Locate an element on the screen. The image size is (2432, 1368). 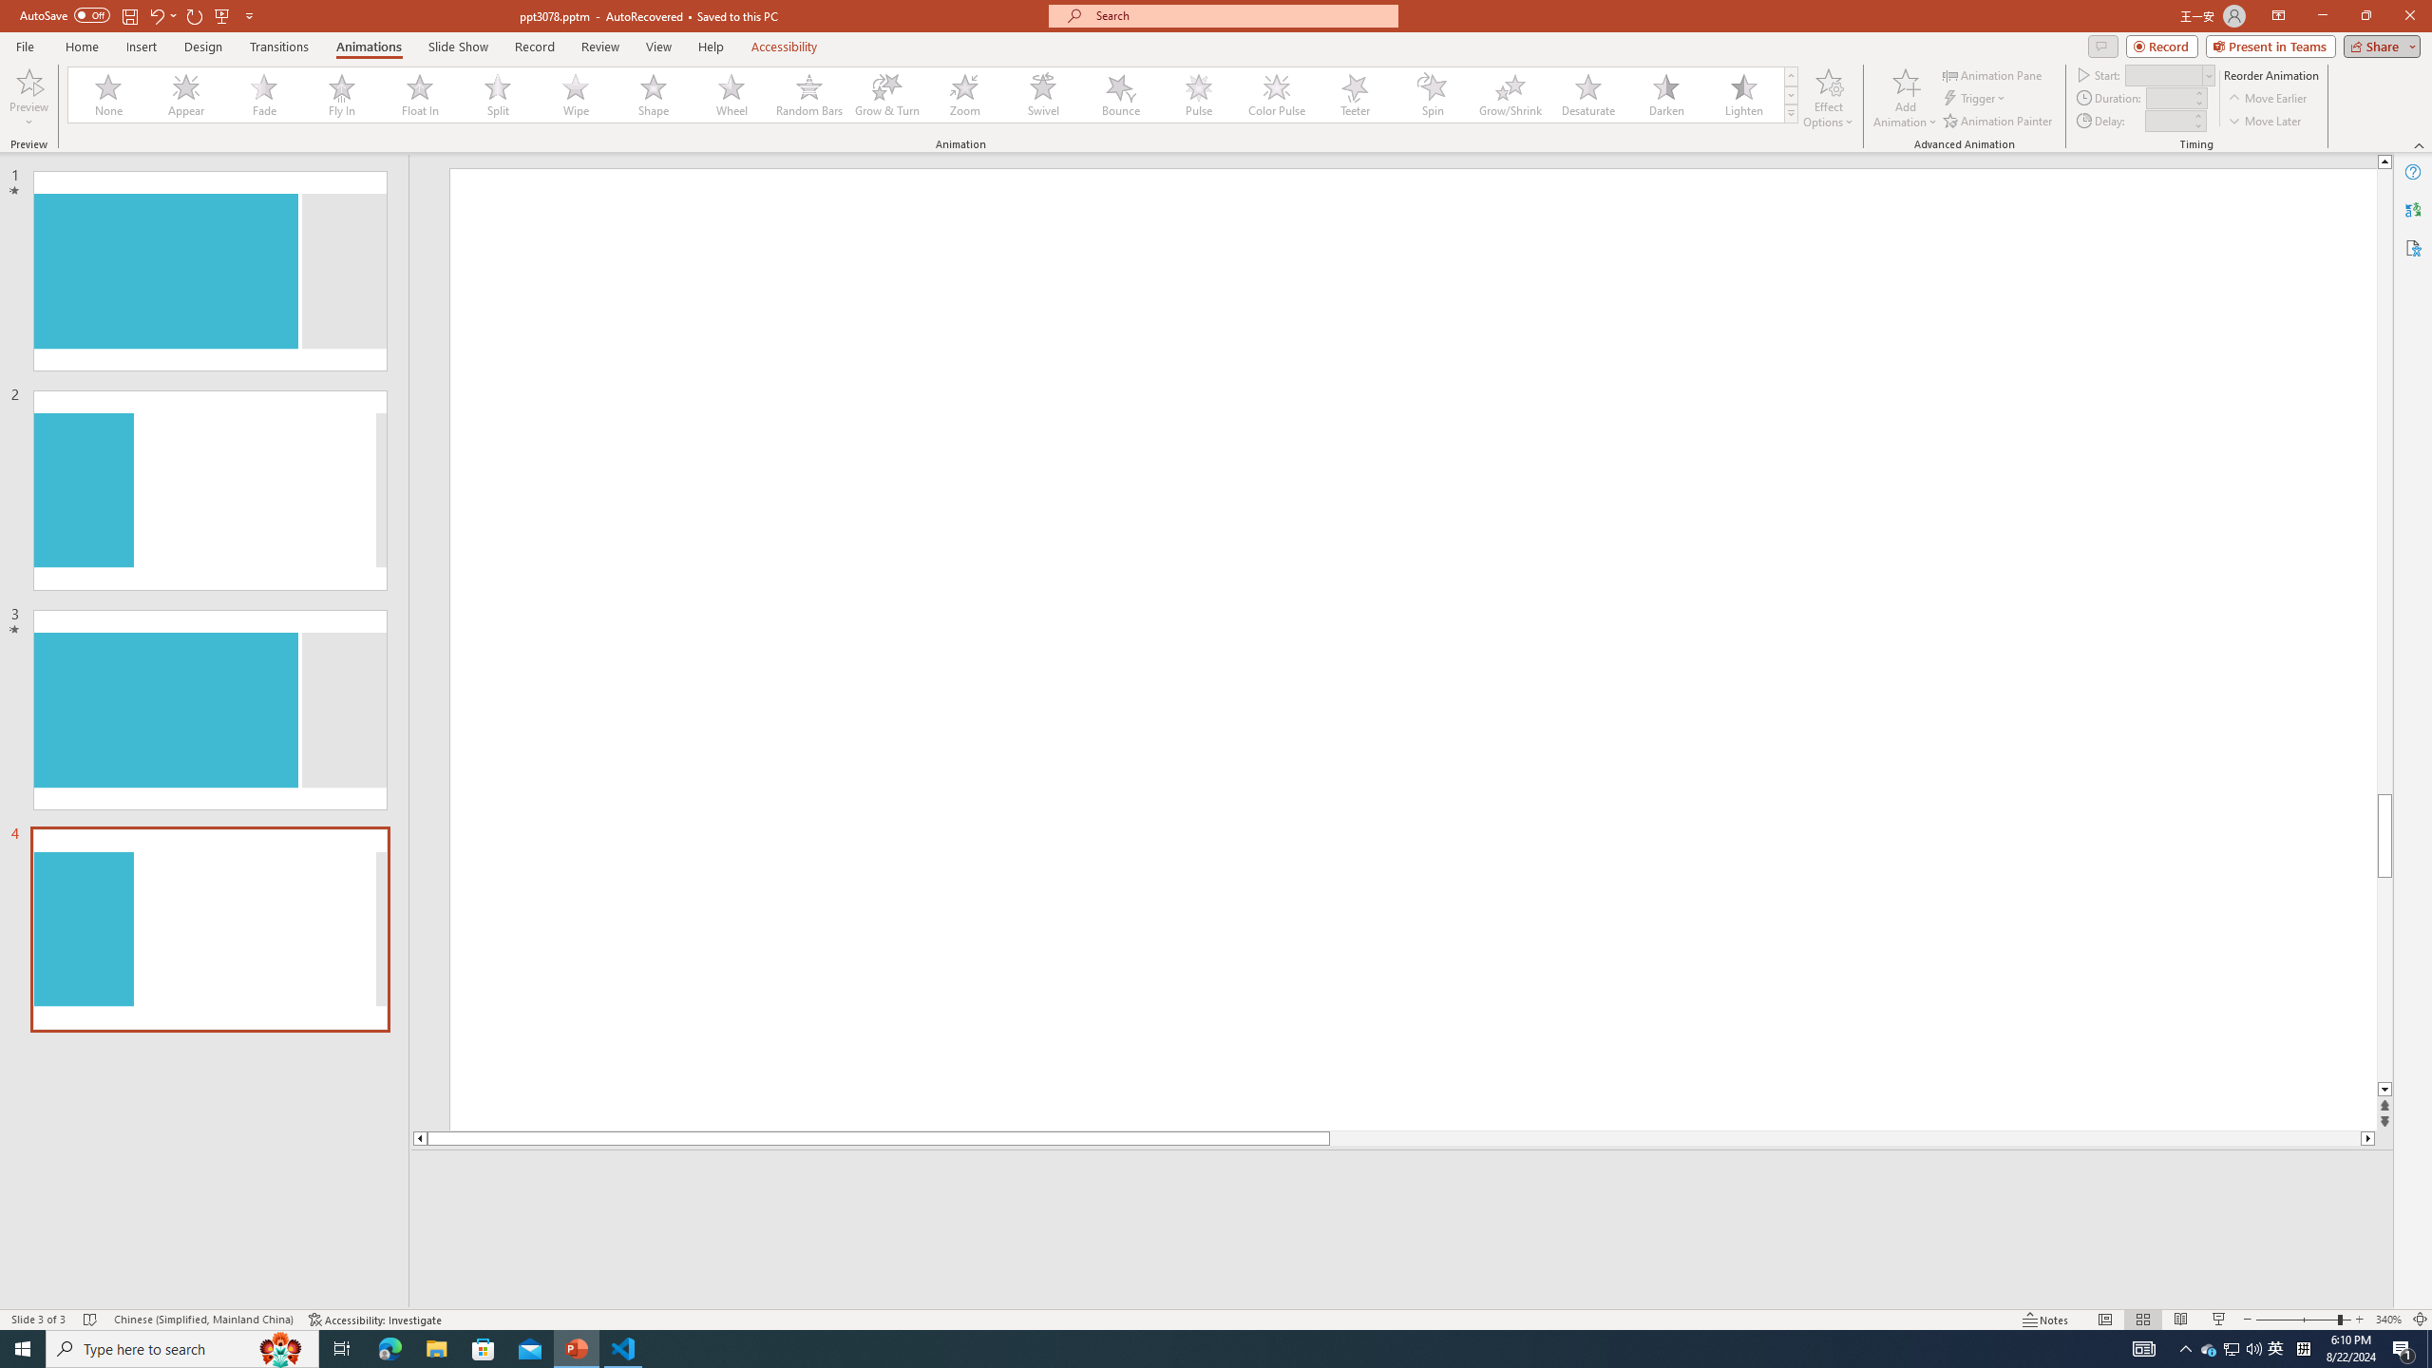
'Record' is located at coordinates (534, 47).